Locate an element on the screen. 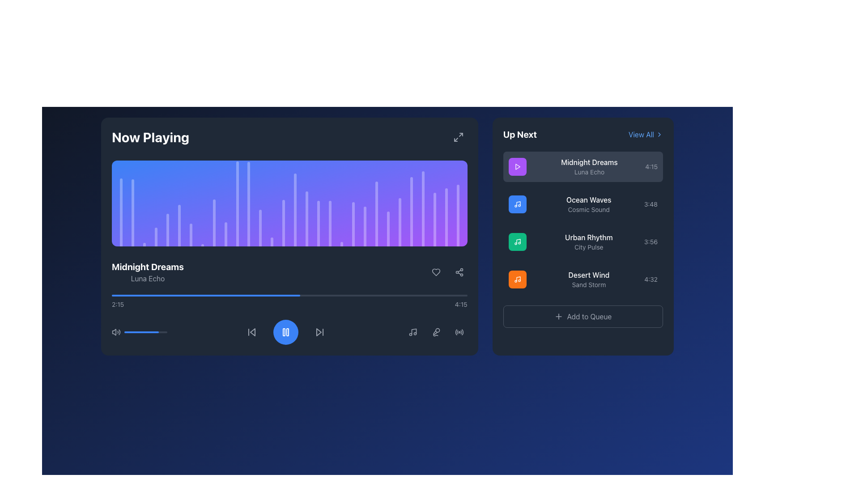  the 21st vertical Waveform bar, which is a translucent white bar with a rounded top, part of the waveform display under the title 'Now Playing' is located at coordinates (365, 226).